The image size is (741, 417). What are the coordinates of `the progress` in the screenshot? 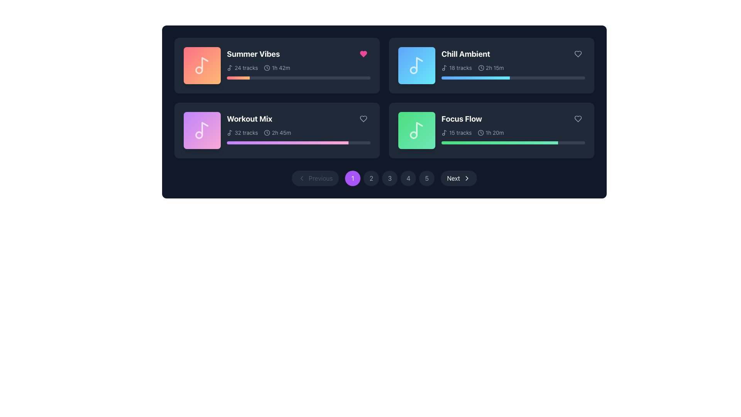 It's located at (284, 78).